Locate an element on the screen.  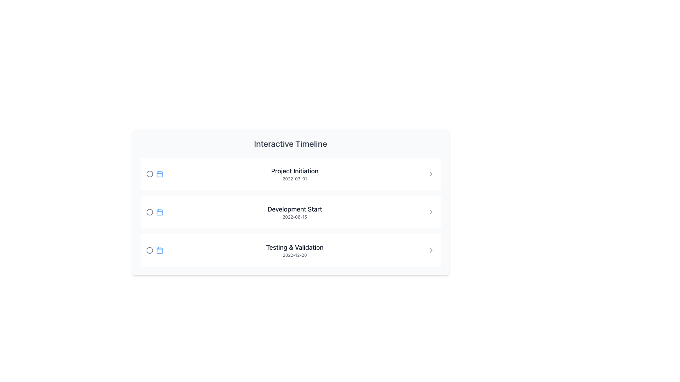
label indicating the timeline event or milestone located in the first line of text within the third row of the timeline view, positioned above the date '2022-12-20' is located at coordinates (295, 247).